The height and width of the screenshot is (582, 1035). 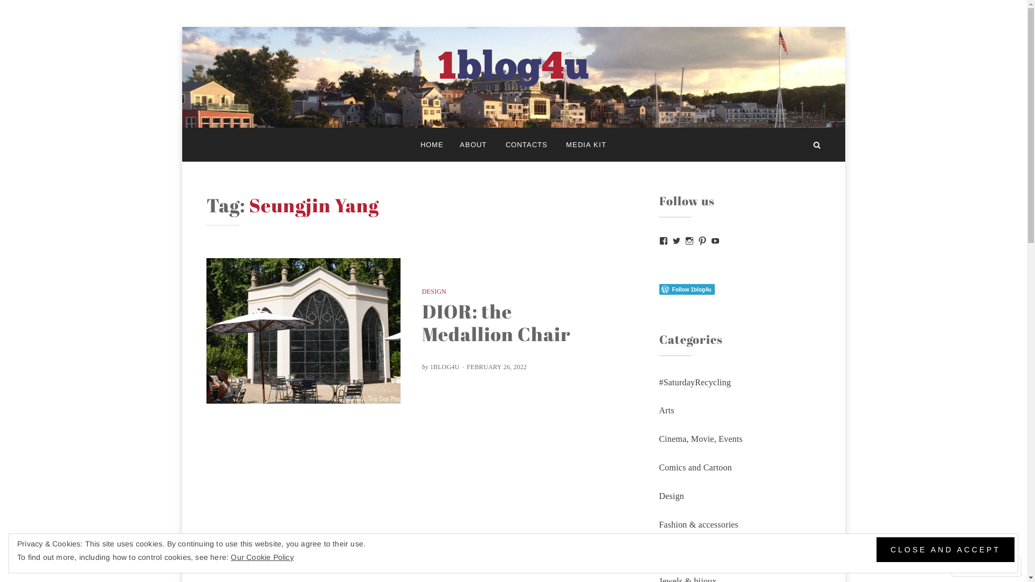 I want to click on '1BLOG4U', so click(x=445, y=366).